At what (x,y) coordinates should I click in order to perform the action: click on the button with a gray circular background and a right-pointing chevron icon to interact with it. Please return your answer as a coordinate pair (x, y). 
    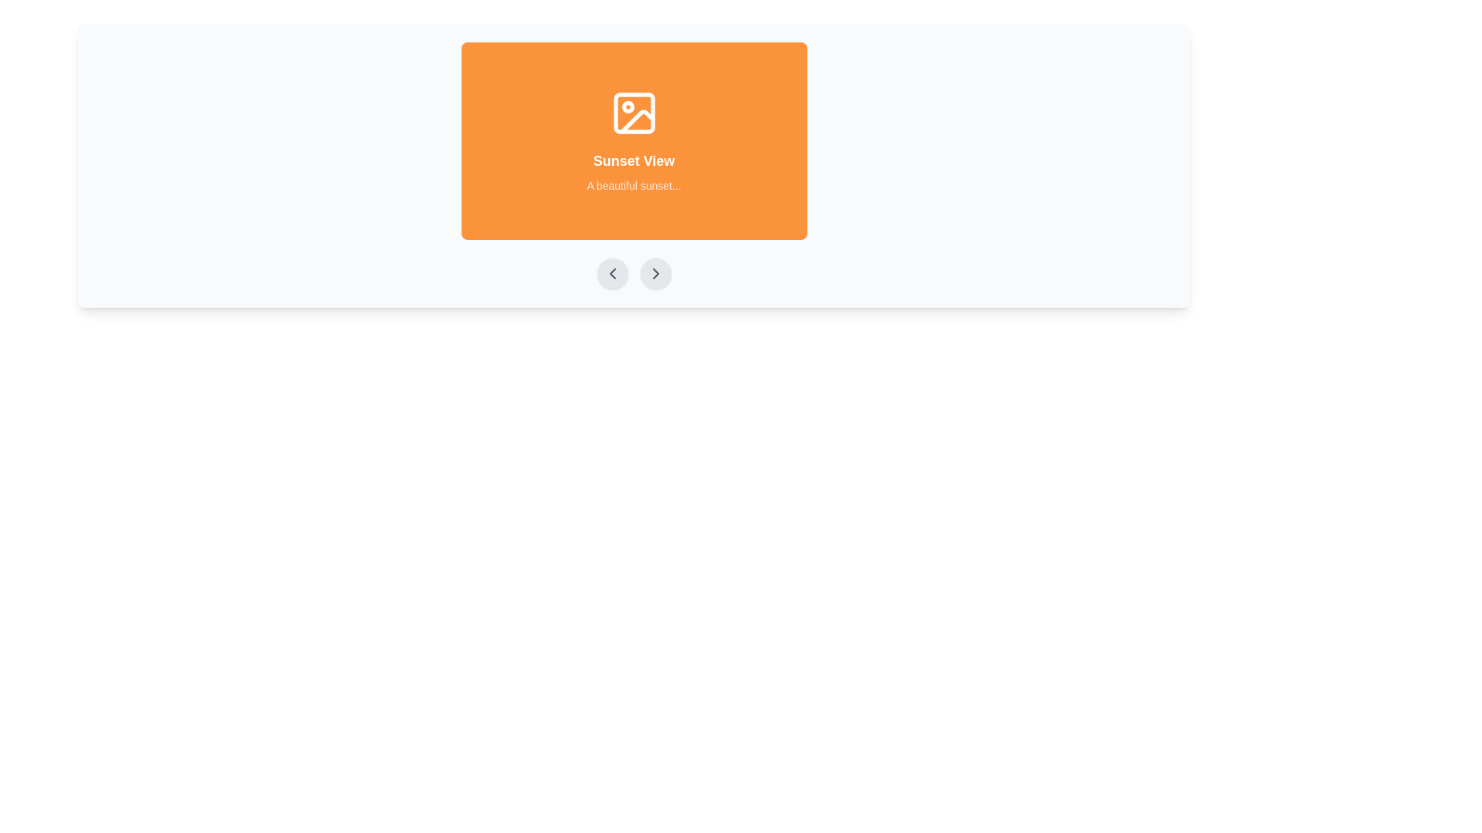
    Looking at the image, I should click on (655, 272).